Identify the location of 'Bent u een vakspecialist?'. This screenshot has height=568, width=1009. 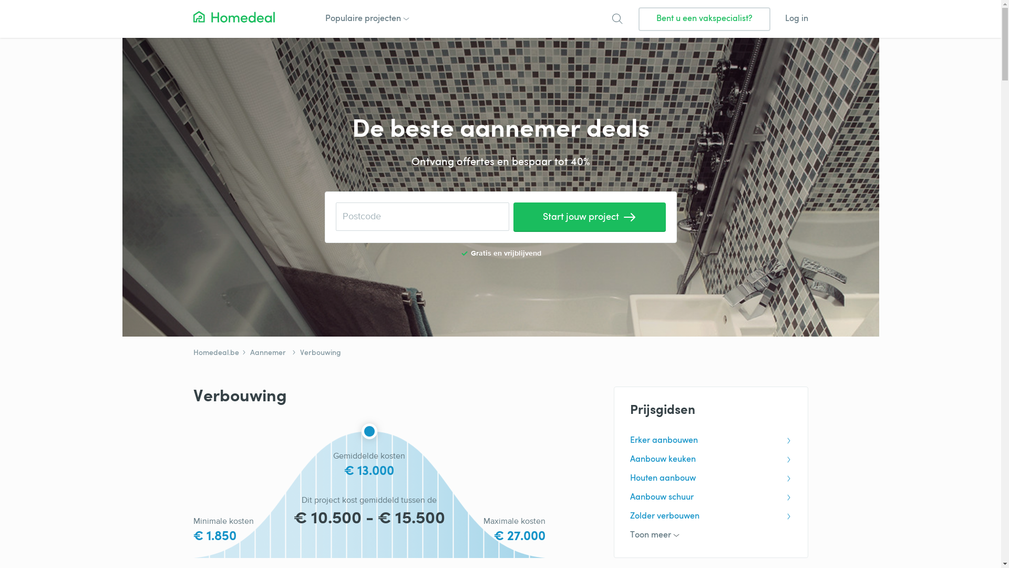
(704, 19).